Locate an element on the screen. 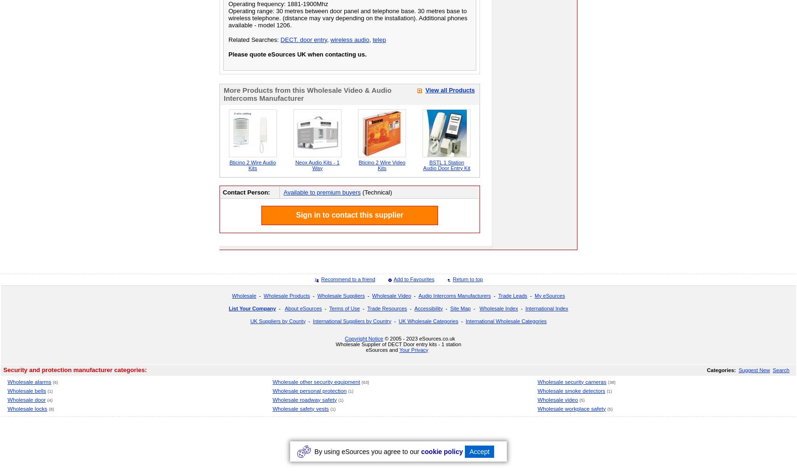  'View all Products' is located at coordinates (450, 89).